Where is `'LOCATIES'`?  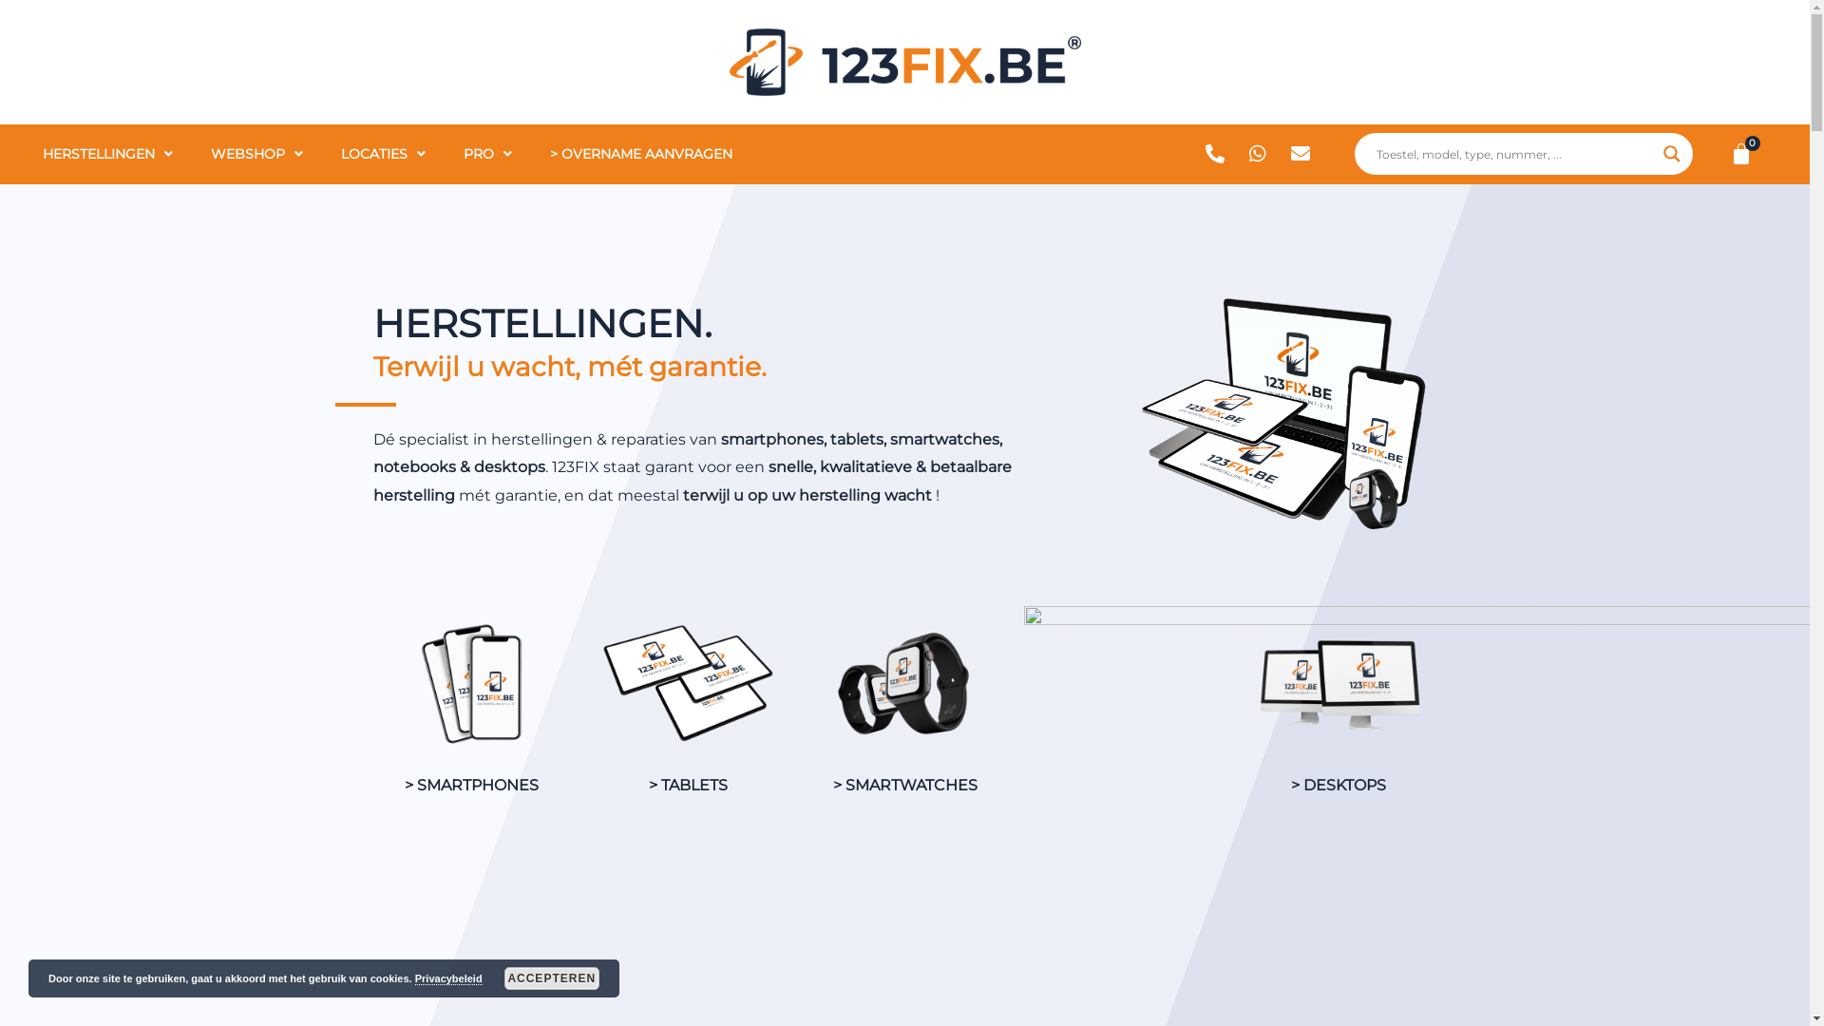 'LOCATIES' is located at coordinates (382, 153).